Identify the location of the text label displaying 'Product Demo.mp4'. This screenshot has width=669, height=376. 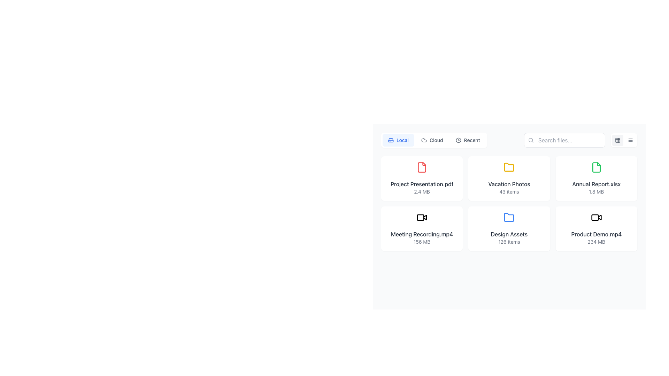
(596, 234).